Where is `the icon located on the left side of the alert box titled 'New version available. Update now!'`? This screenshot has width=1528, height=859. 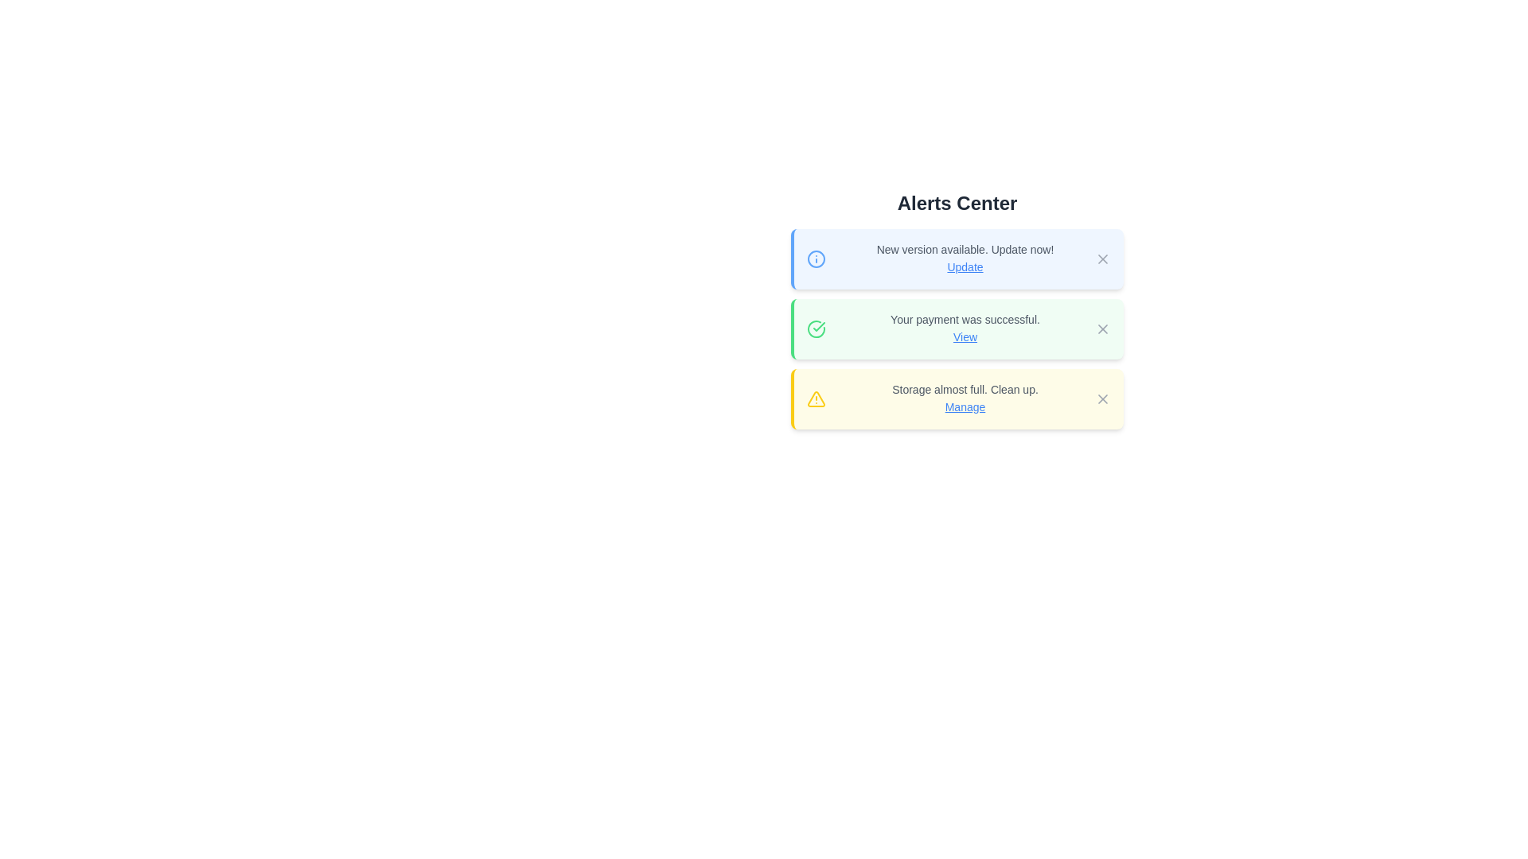
the icon located on the left side of the alert box titled 'New version available. Update now!' is located at coordinates (817, 258).